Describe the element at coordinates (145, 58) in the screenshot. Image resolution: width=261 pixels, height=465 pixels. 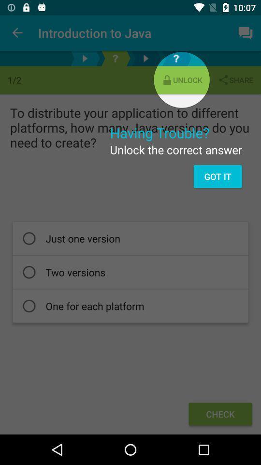
I see `go the next page` at that location.